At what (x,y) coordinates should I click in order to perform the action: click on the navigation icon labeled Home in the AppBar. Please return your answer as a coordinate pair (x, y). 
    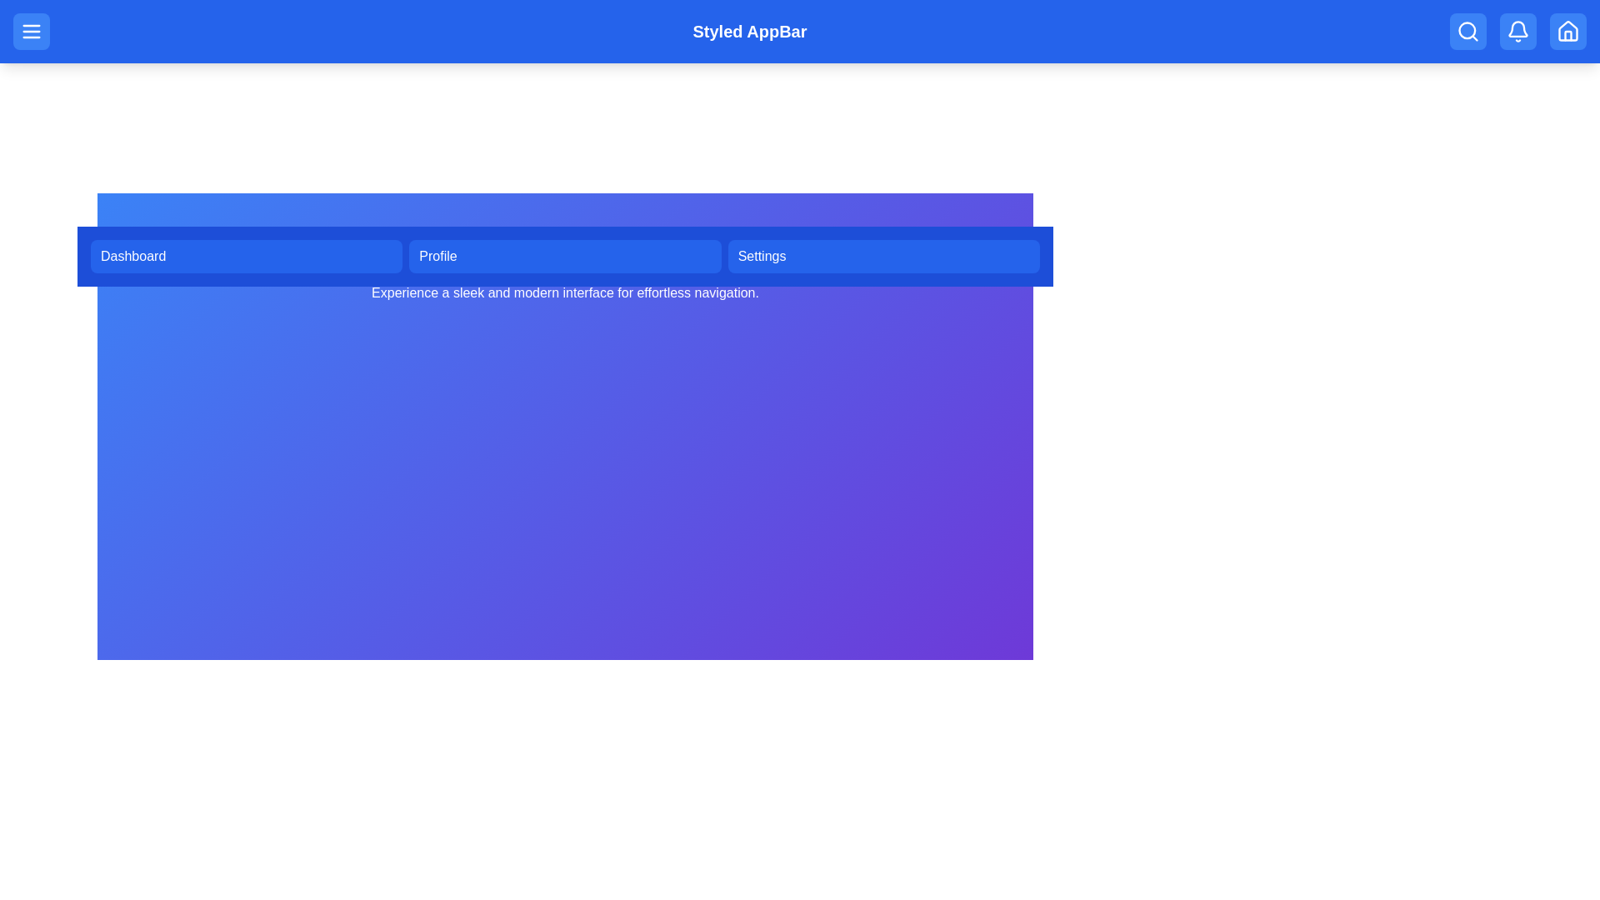
    Looking at the image, I should click on (1567, 32).